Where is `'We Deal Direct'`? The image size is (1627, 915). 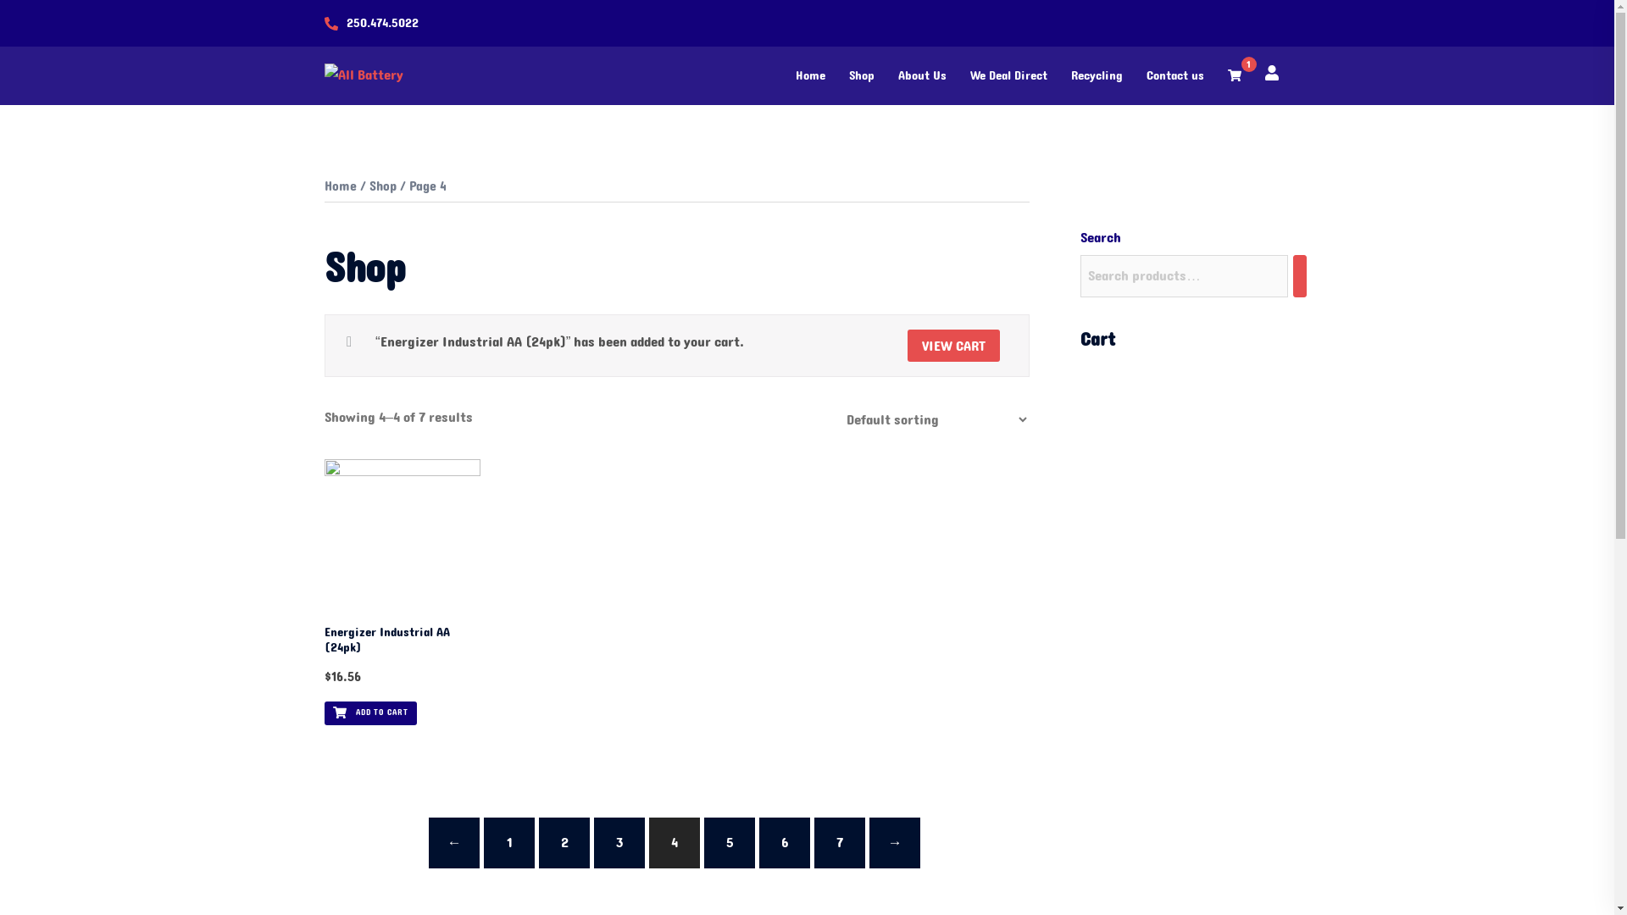
'We Deal Direct' is located at coordinates (1008, 75).